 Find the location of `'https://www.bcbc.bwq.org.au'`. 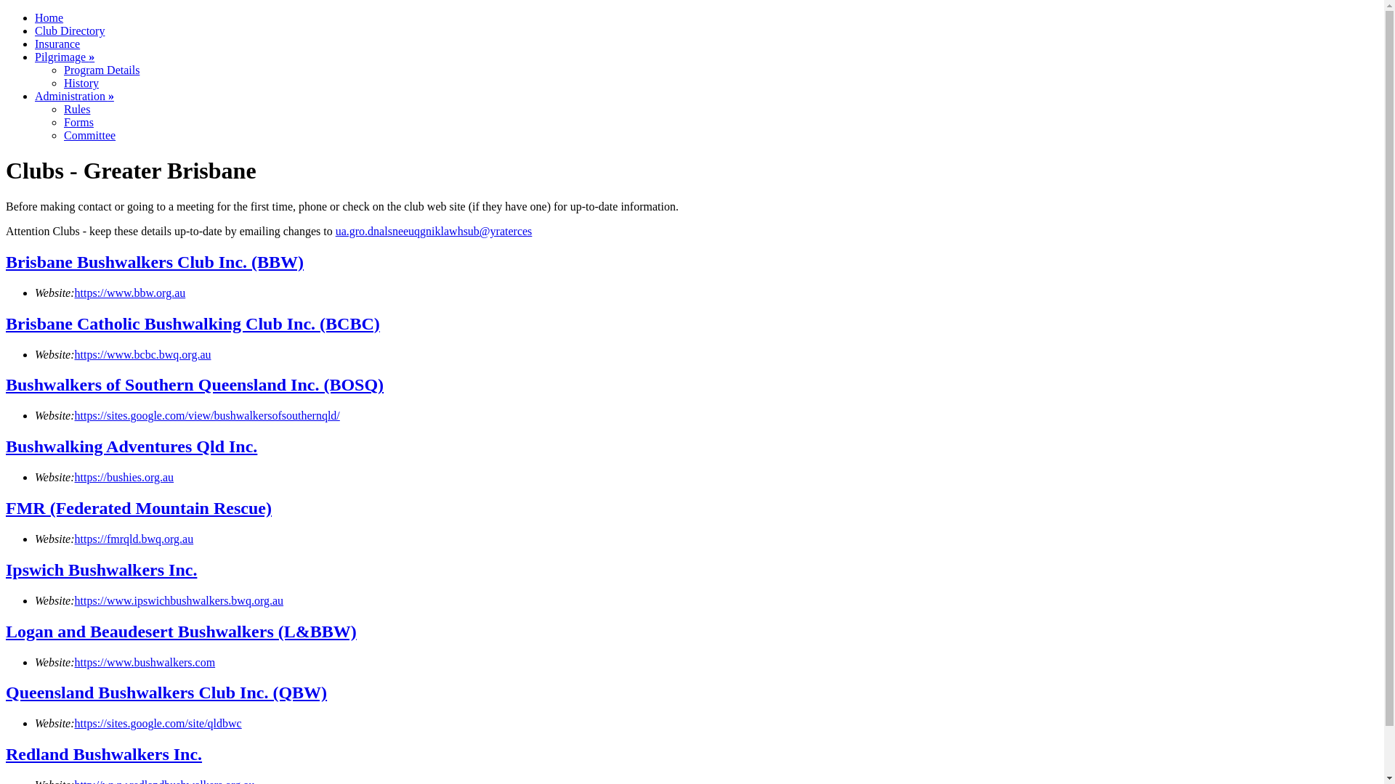

'https://www.bcbc.bwq.org.au' is located at coordinates (142, 354).